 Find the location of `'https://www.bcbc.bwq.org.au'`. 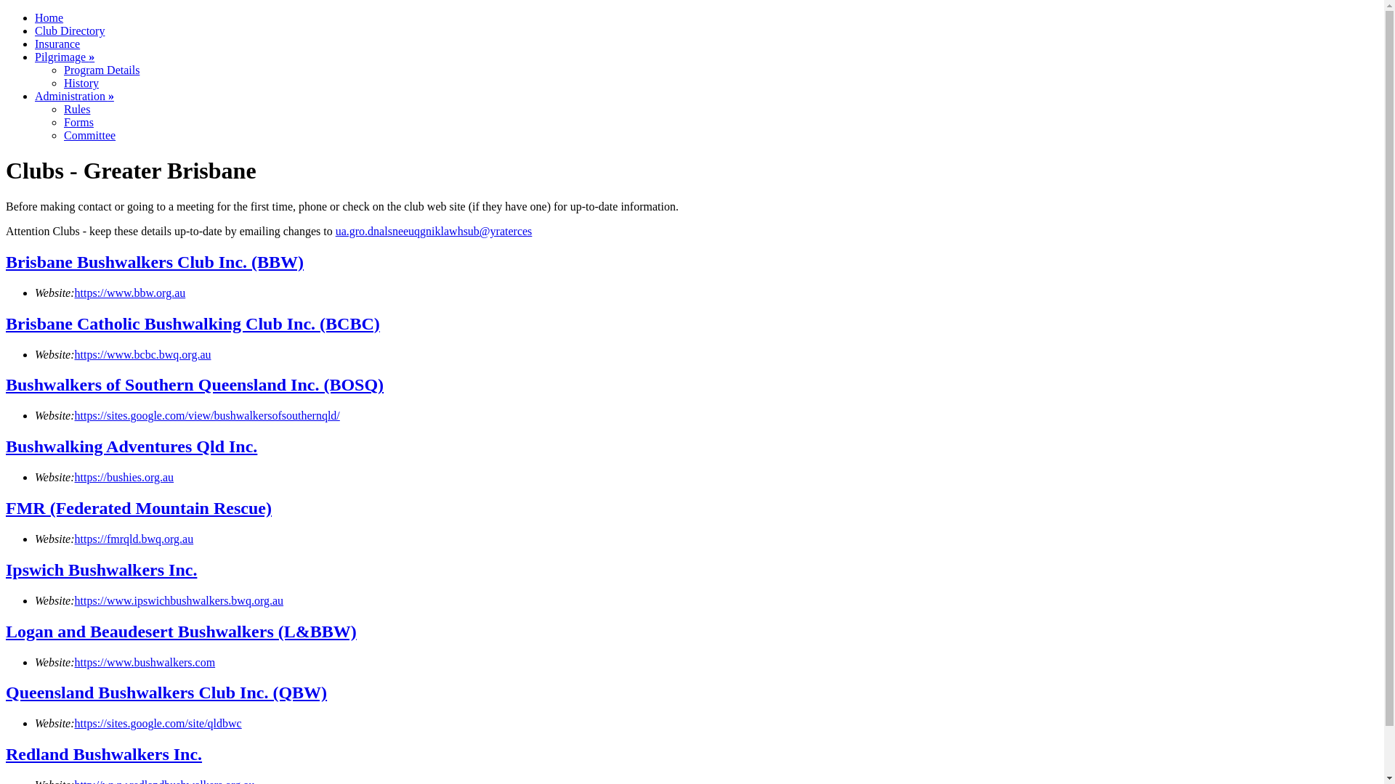

'https://www.bcbc.bwq.org.au' is located at coordinates (142, 354).